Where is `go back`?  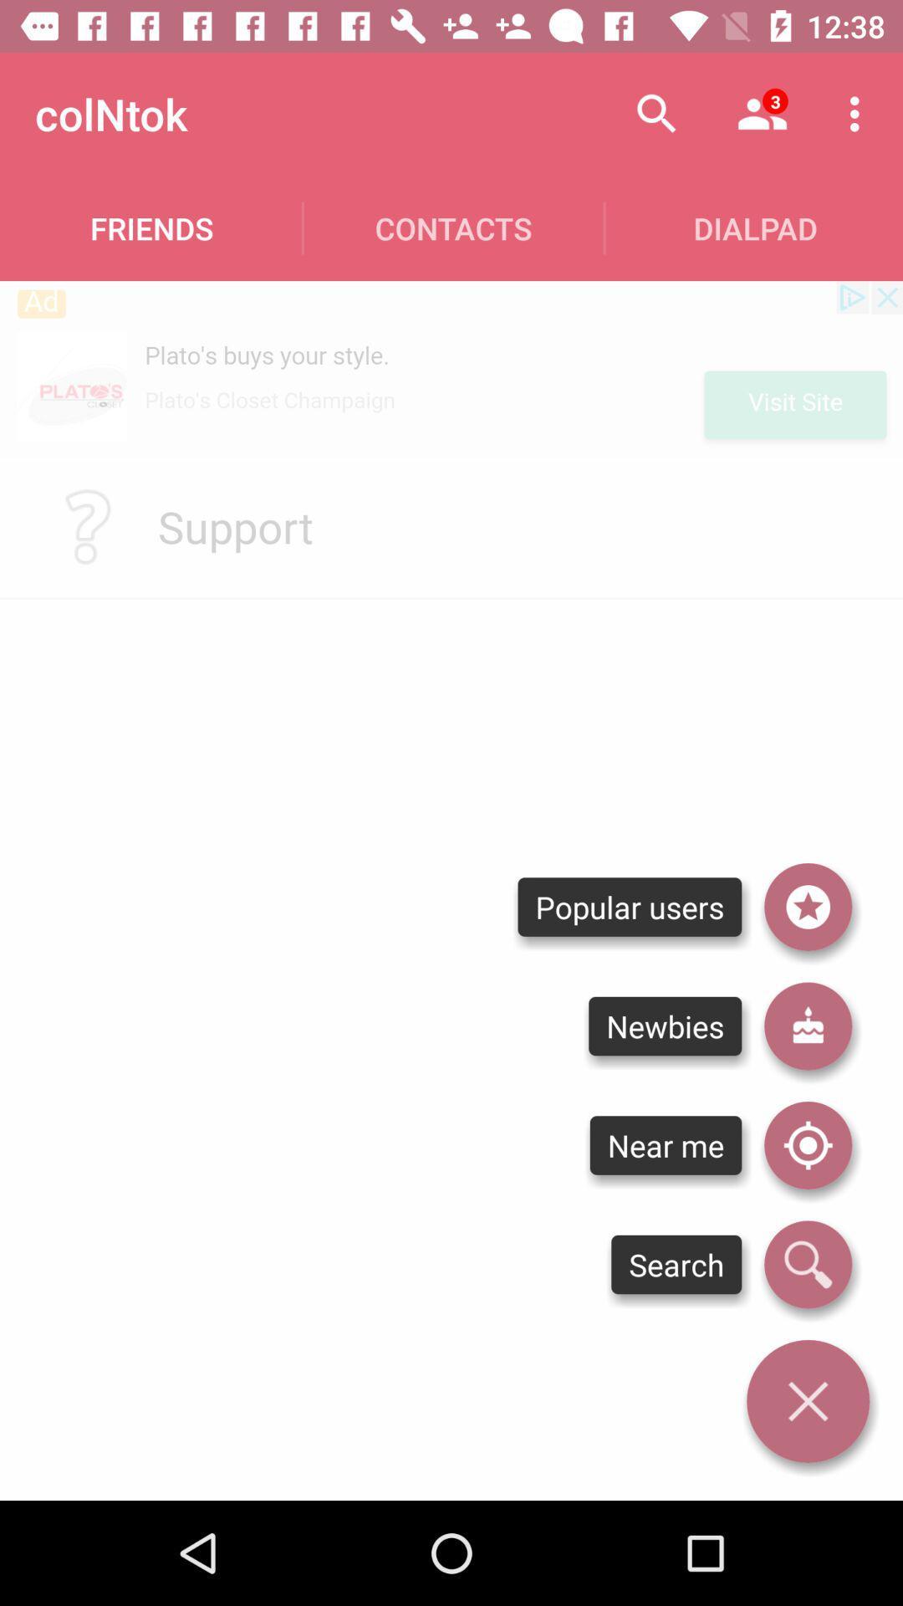 go back is located at coordinates (807, 1401).